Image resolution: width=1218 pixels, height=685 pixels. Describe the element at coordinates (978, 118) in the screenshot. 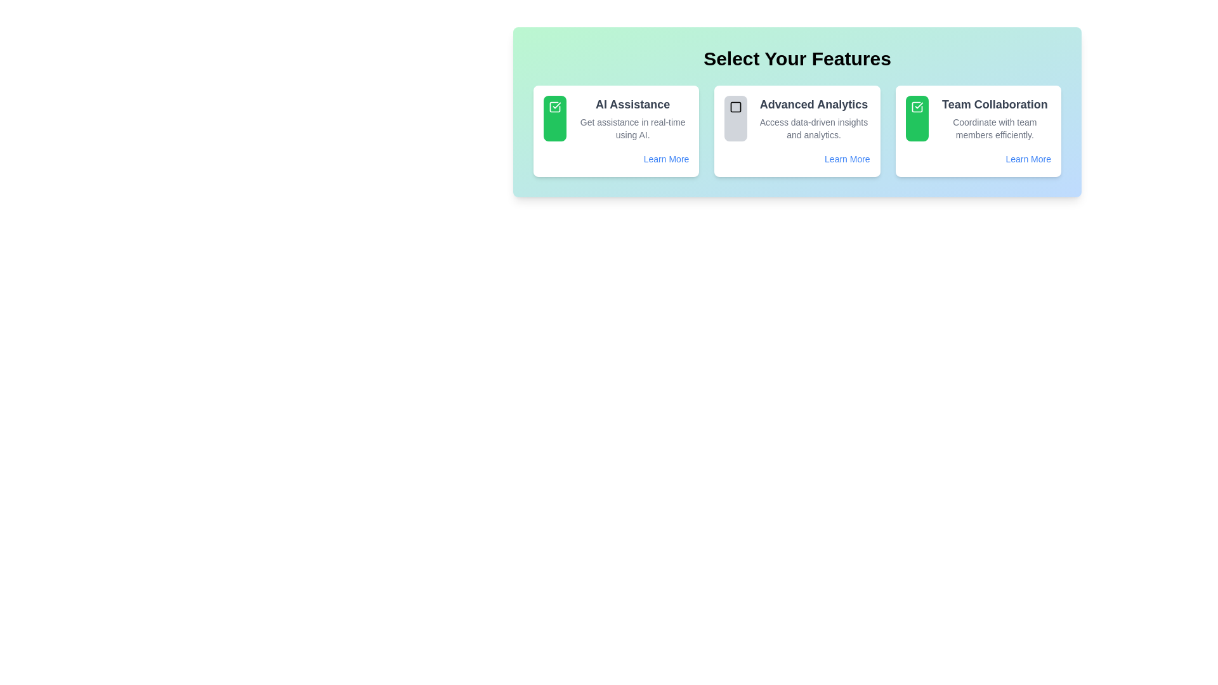

I see `the Infobox titled 'Team Collaboration', which includes the subtitle 'Coordinate with team members efficiently.'` at that location.